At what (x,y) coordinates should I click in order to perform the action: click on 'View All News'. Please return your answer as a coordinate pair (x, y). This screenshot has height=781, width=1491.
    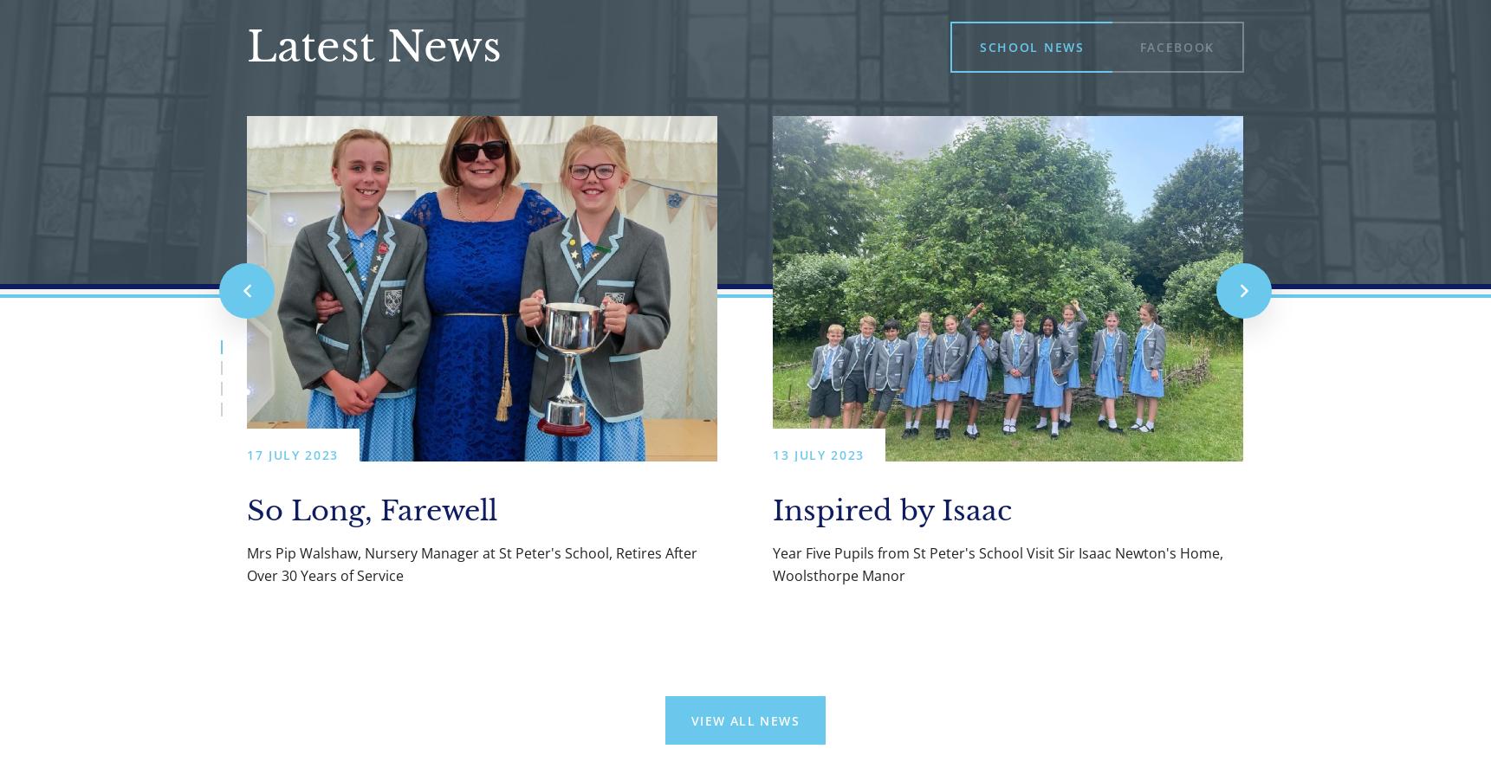
    Looking at the image, I should click on (689, 720).